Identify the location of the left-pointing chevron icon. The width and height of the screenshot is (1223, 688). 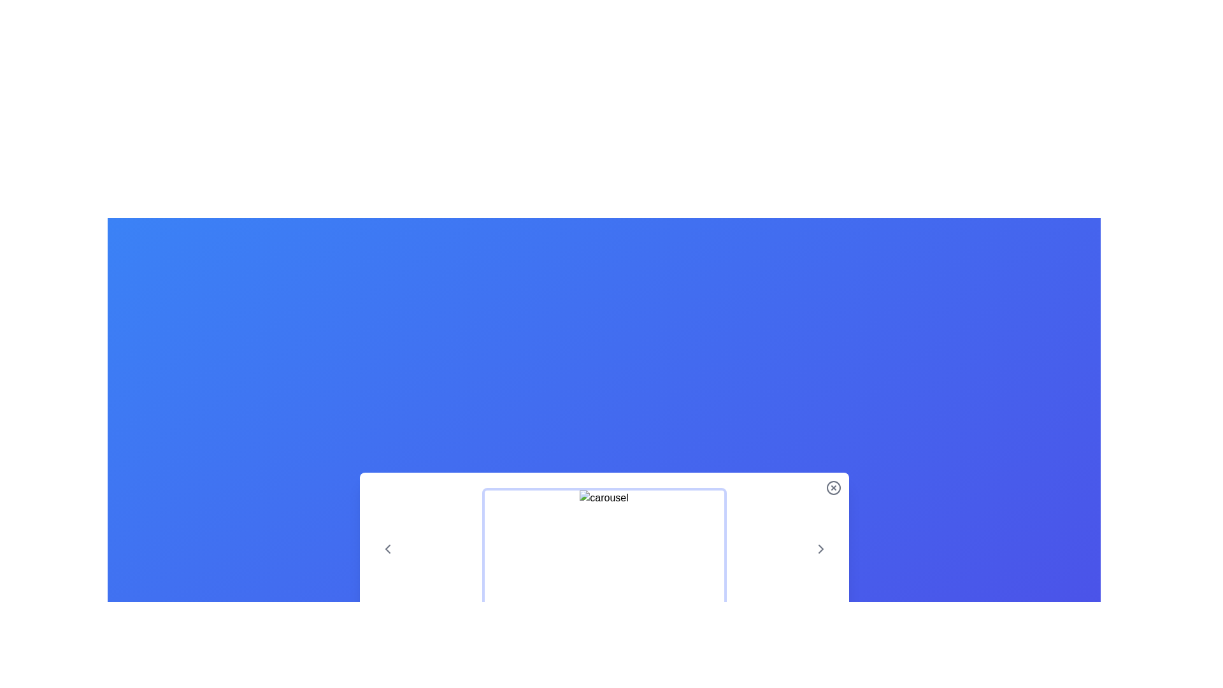
(387, 548).